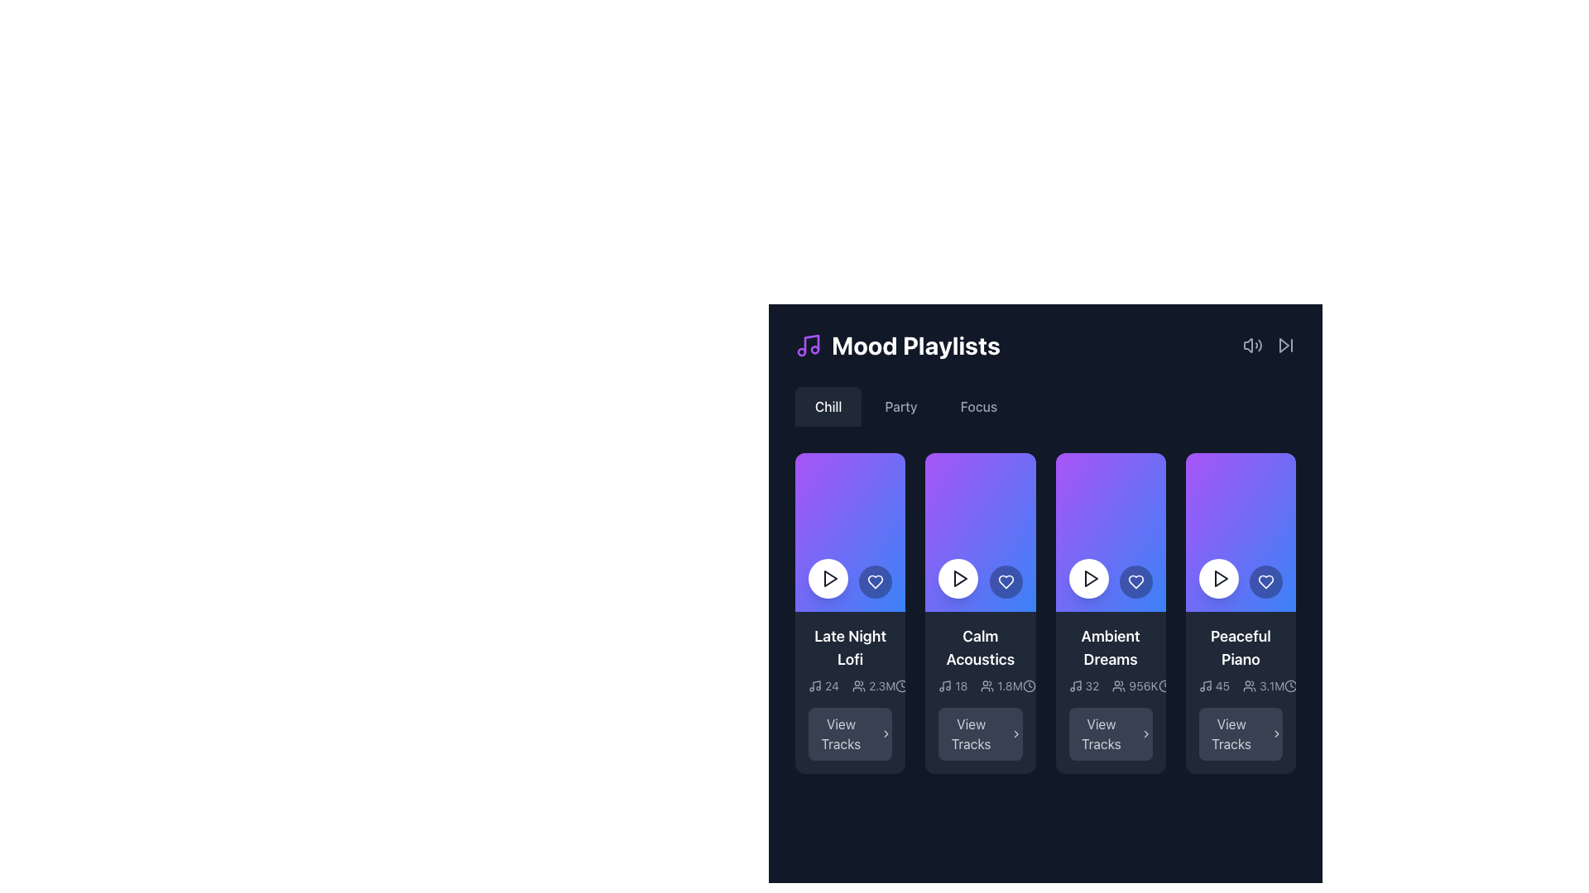  What do you see at coordinates (980, 532) in the screenshot?
I see `the visual banner of the 'Calm Acoustics' playlist card, which is located in the second column of the playlist grid` at bounding box center [980, 532].